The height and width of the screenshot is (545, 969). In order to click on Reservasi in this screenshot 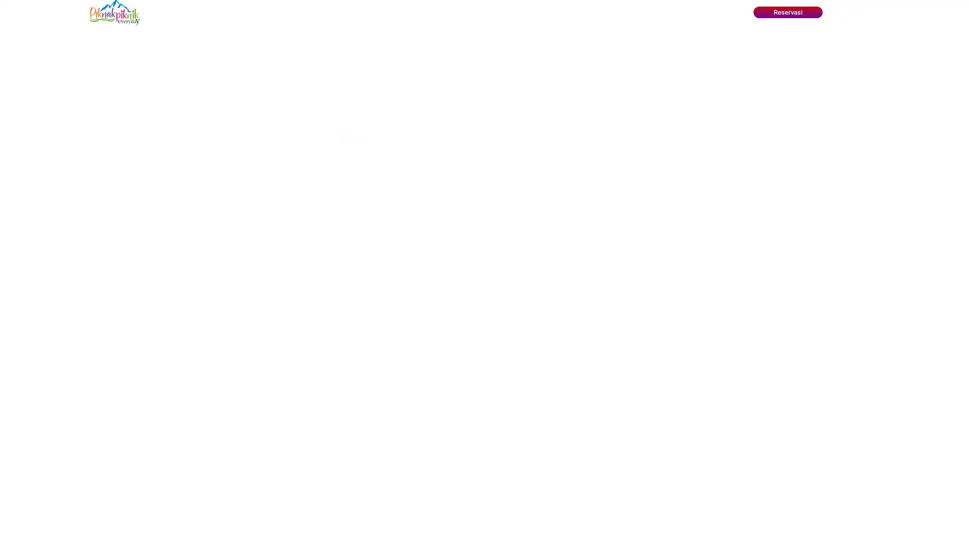, I will do `click(787, 12)`.